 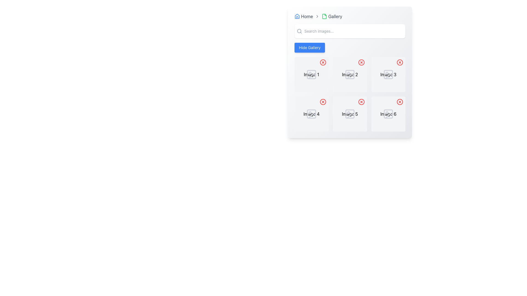 What do you see at coordinates (297, 16) in the screenshot?
I see `the house-shaped icon in the navigation header bar` at bounding box center [297, 16].